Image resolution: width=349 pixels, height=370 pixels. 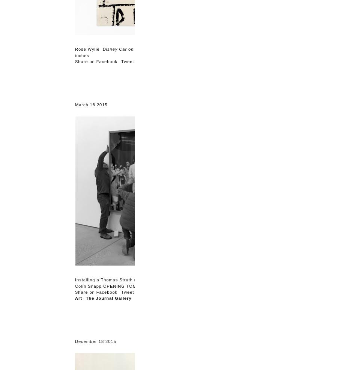 I want to click on 'City Limit', so click(x=146, y=298).